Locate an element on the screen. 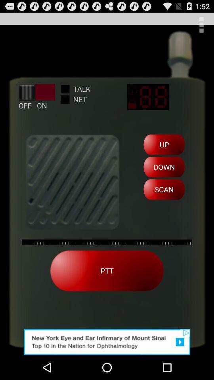 The image size is (214, 380). menu page is located at coordinates (201, 25).